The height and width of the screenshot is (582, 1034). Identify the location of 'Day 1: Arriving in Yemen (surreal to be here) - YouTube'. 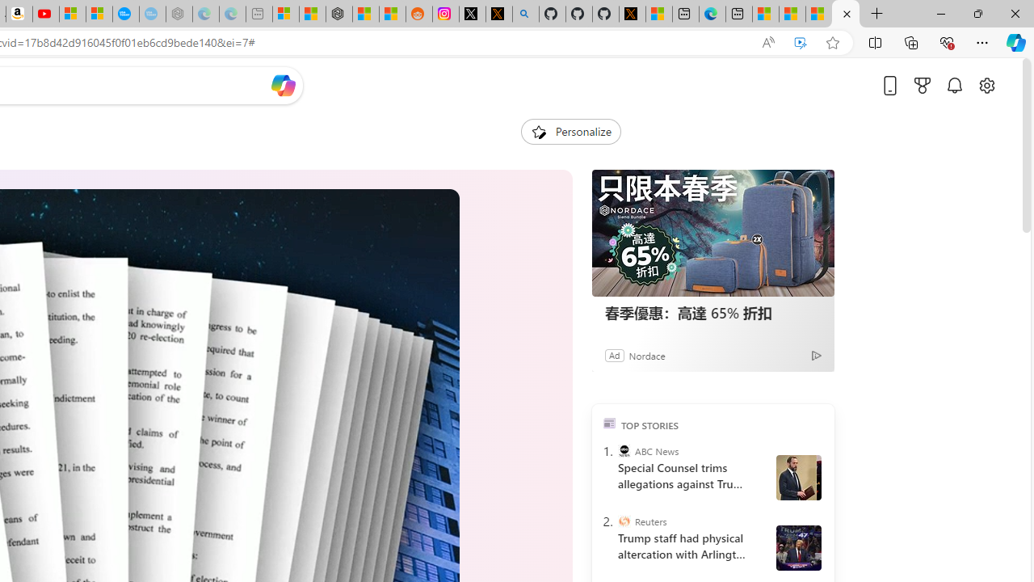
(45, 14).